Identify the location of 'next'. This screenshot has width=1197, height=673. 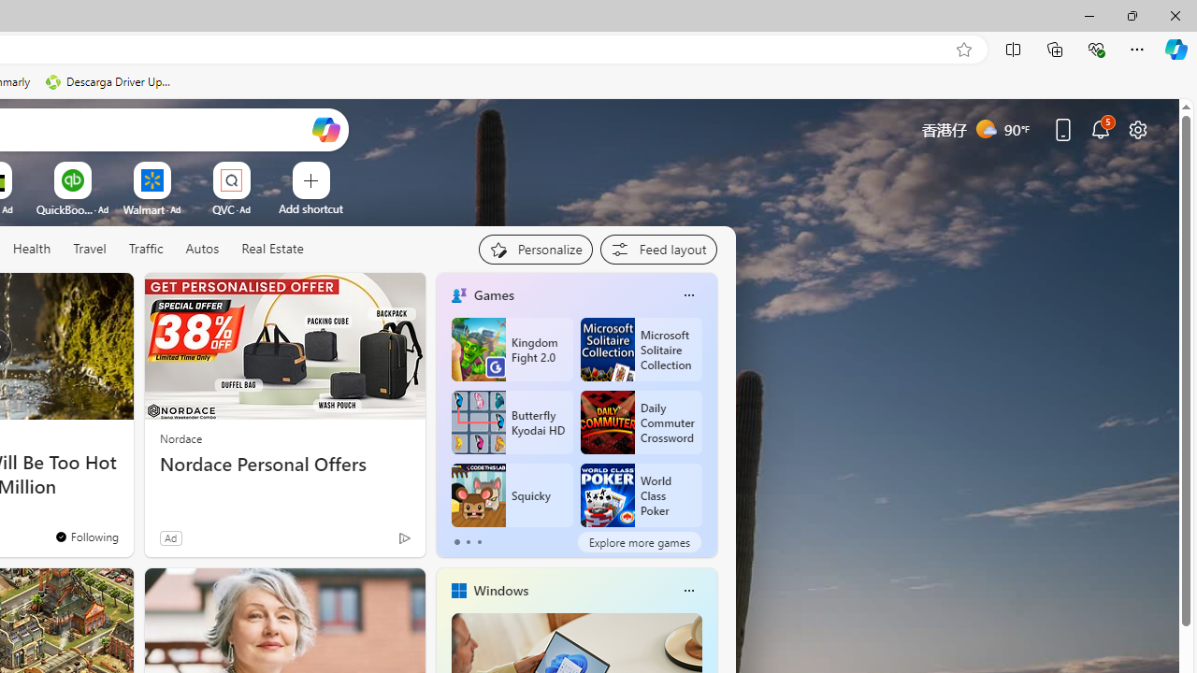
(706, 413).